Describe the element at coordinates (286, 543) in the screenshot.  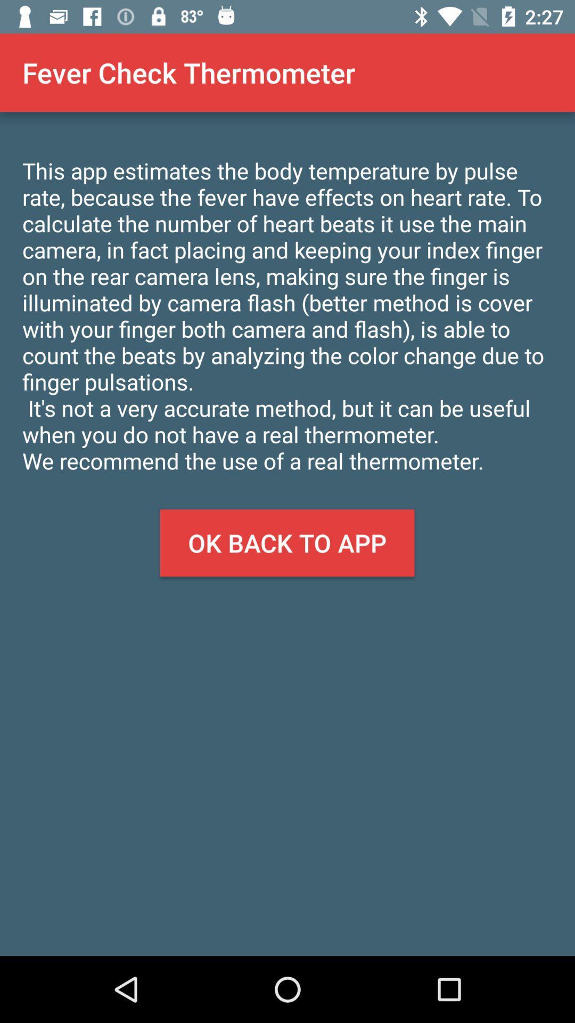
I see `the item below the this app estimates app` at that location.